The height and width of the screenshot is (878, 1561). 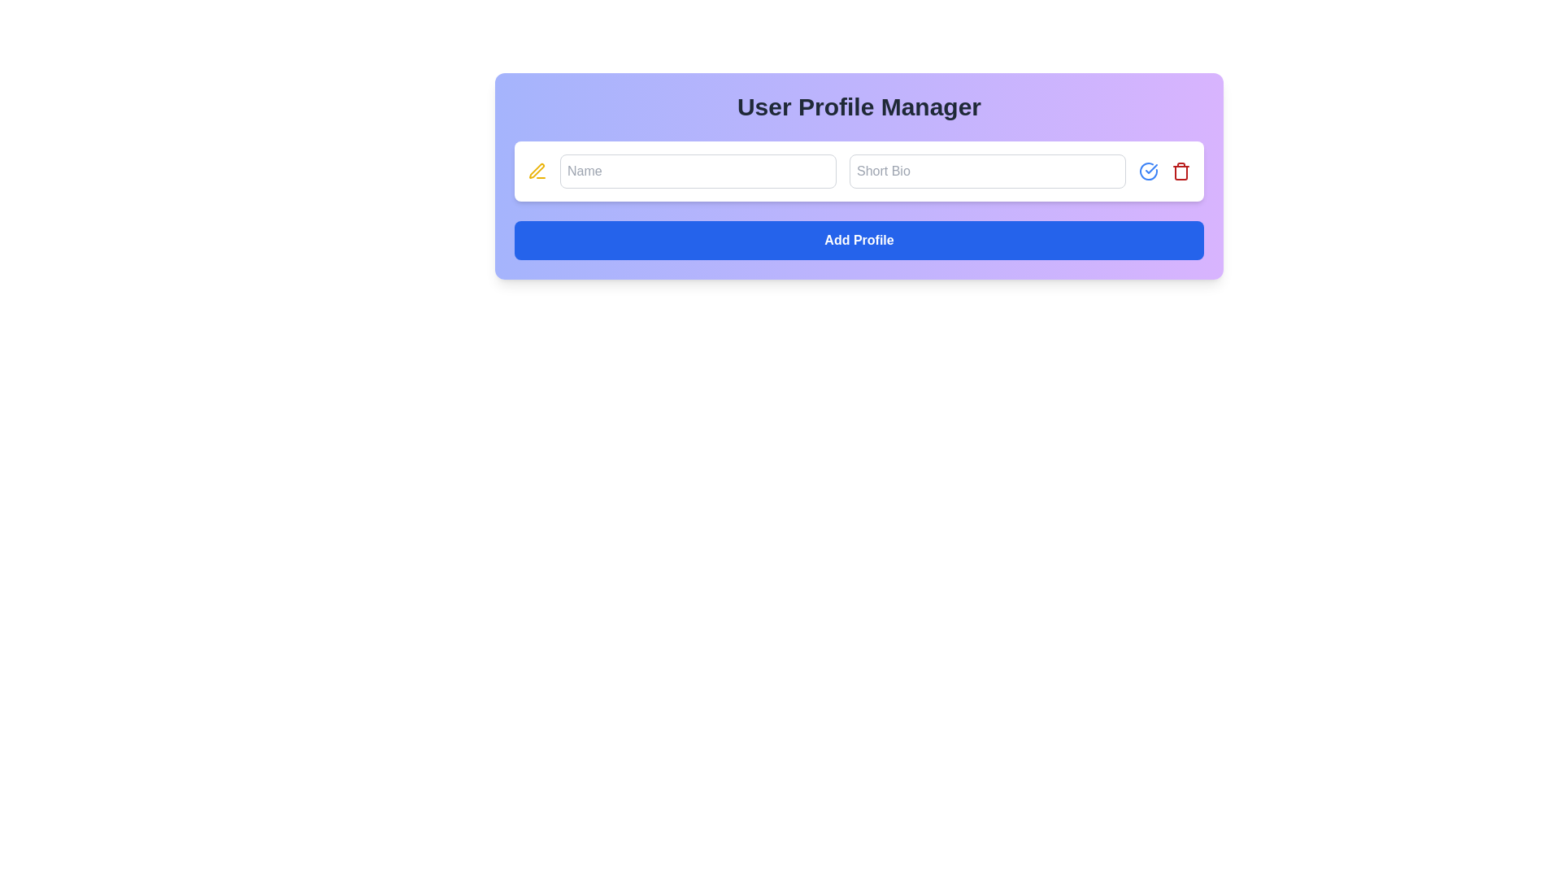 What do you see at coordinates (1150, 169) in the screenshot?
I see `the Decorative icon, which is a blue check mark within a circular frame, located towards the right side of the input field box in the form panel` at bounding box center [1150, 169].